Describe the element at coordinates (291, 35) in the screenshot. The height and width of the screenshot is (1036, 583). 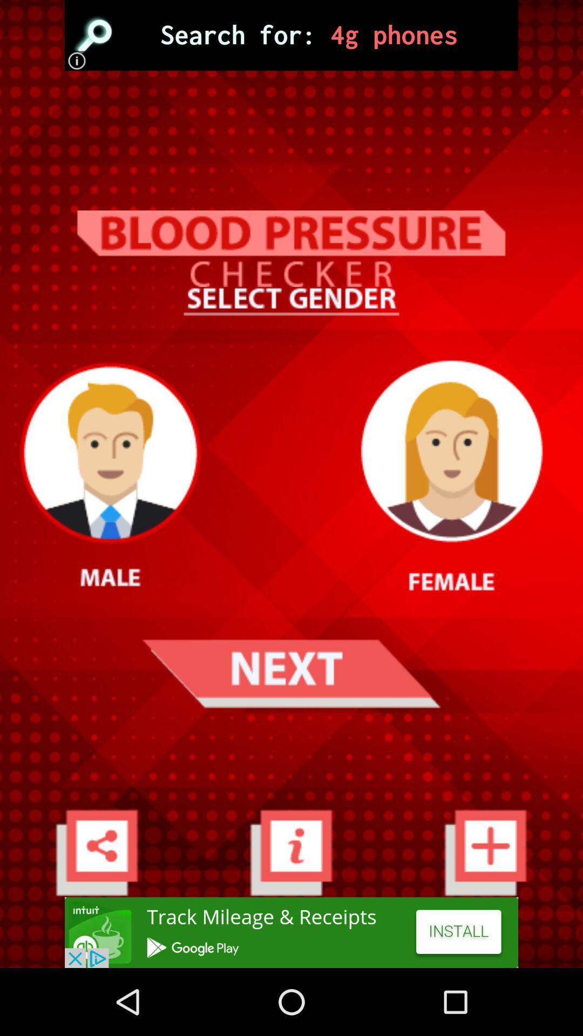
I see `choose the selection` at that location.